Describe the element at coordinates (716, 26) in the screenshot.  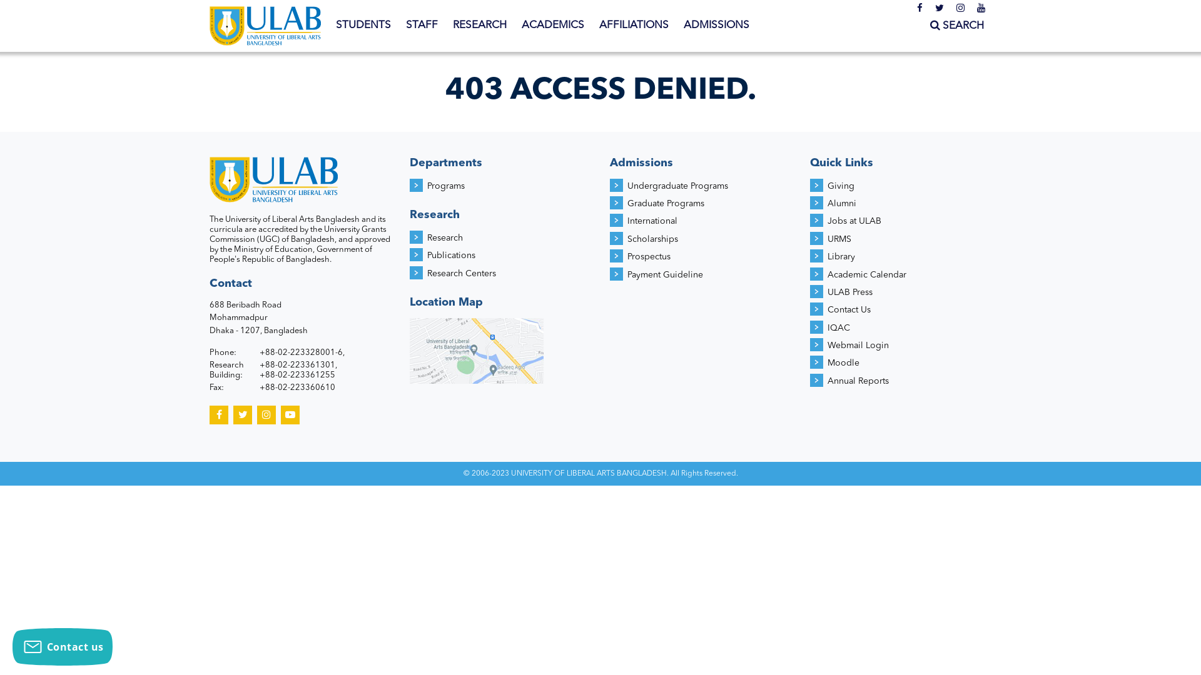
I see `'ADMISSIONS'` at that location.